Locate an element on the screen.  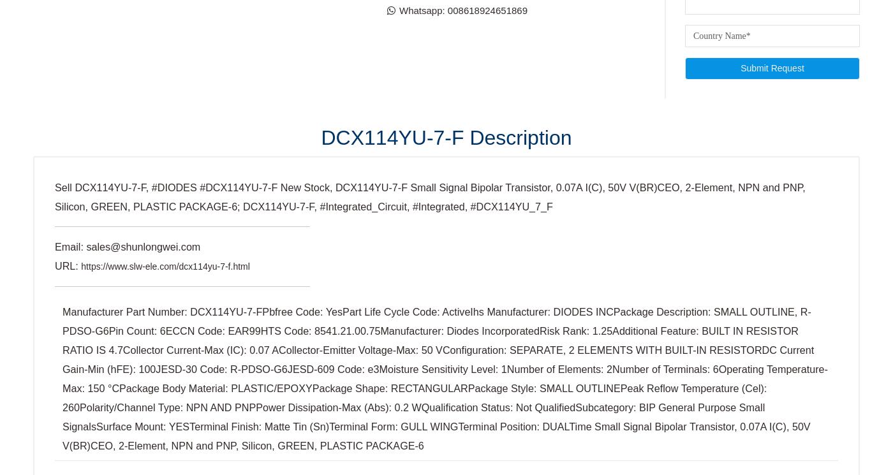
'Follow us on social networks' is located at coordinates (651, 75).